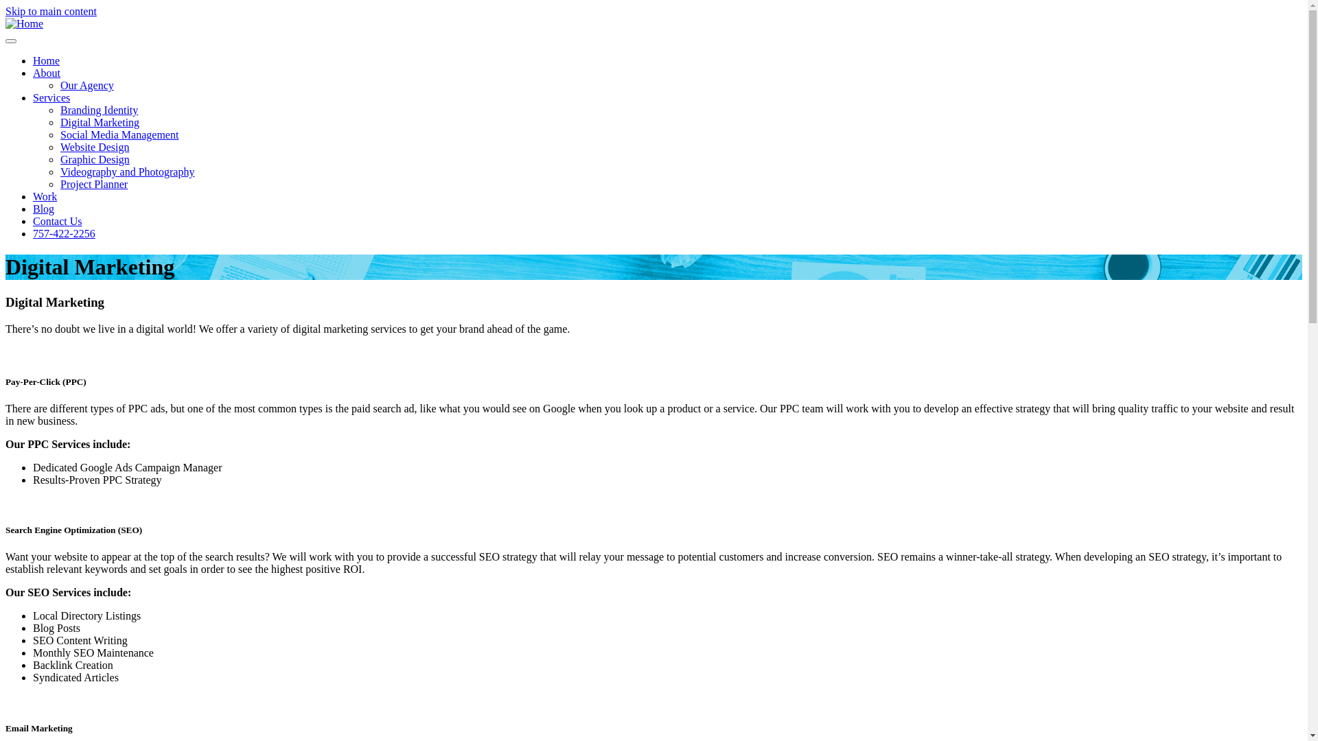 This screenshot has height=741, width=1318. What do you see at coordinates (56, 220) in the screenshot?
I see `'Contact Us'` at bounding box center [56, 220].